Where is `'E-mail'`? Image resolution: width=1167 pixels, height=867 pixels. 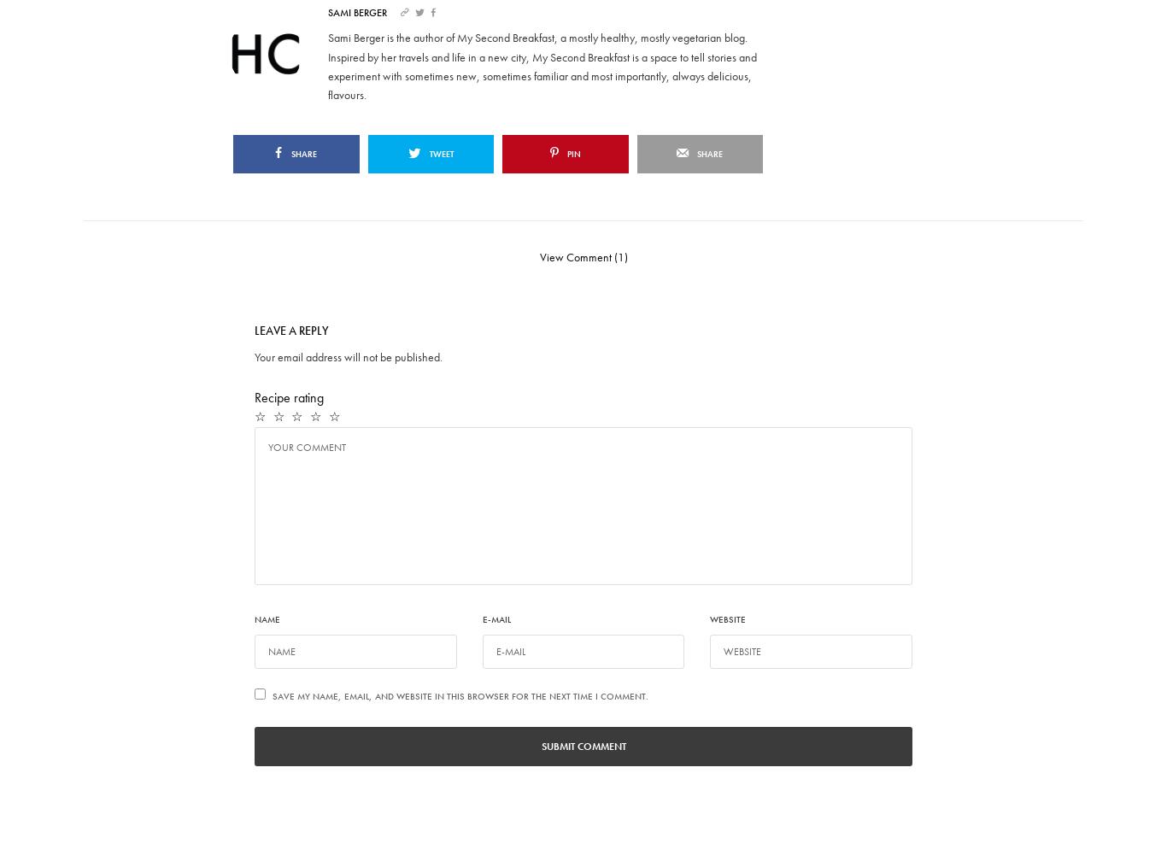
'E-mail' is located at coordinates (482, 618).